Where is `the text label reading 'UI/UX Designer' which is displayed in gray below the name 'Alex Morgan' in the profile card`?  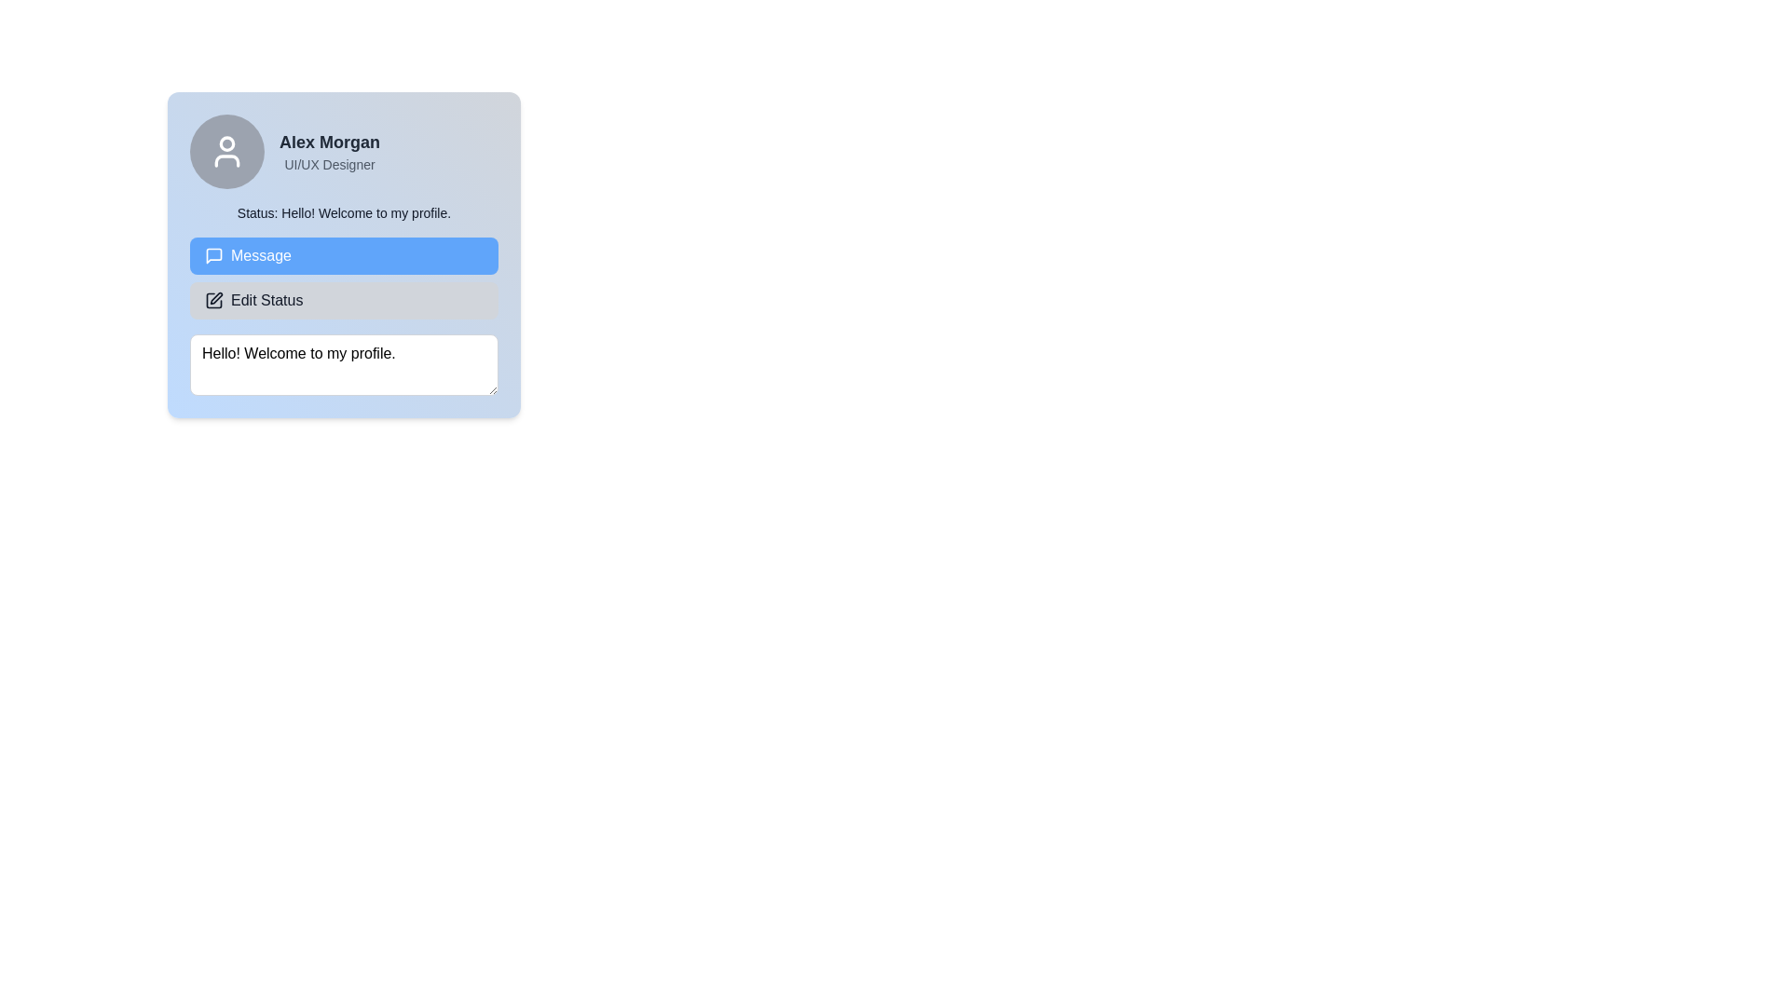 the text label reading 'UI/UX Designer' which is displayed in gray below the name 'Alex Morgan' in the profile card is located at coordinates (330, 164).